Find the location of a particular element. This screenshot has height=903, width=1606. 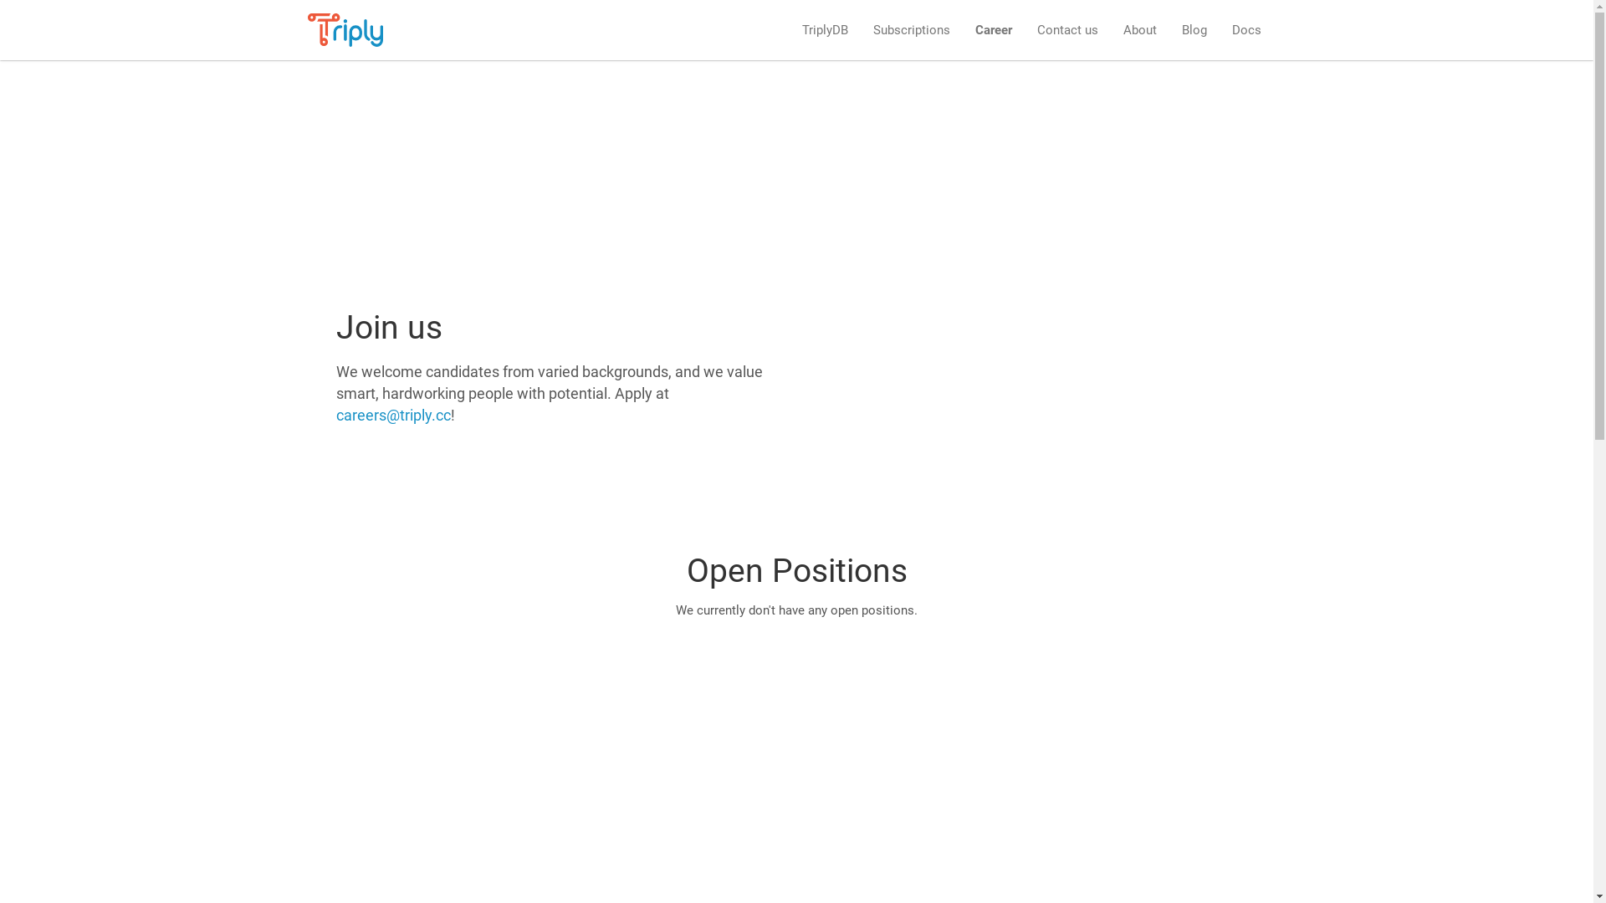

'Contact us' is located at coordinates (1066, 29).